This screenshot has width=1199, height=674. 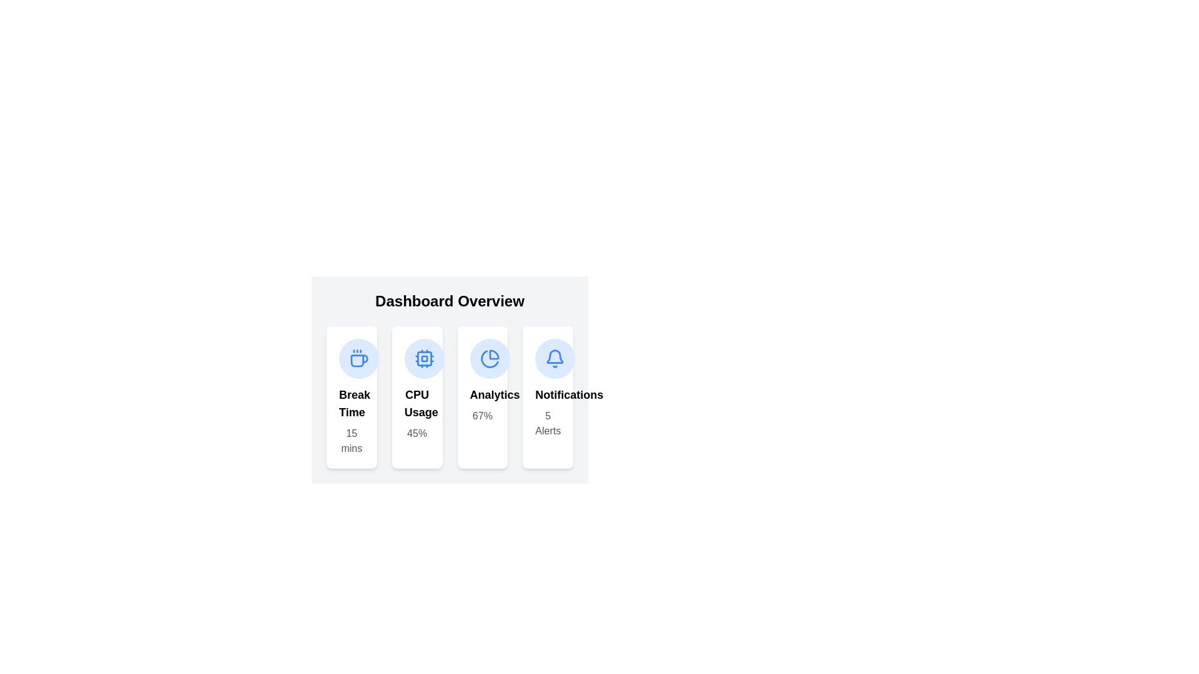 I want to click on text label element that displays 'Analytics' in bold font, which is the third card from the left in a group of four, located under the heading 'Analytics', so click(x=481, y=394).